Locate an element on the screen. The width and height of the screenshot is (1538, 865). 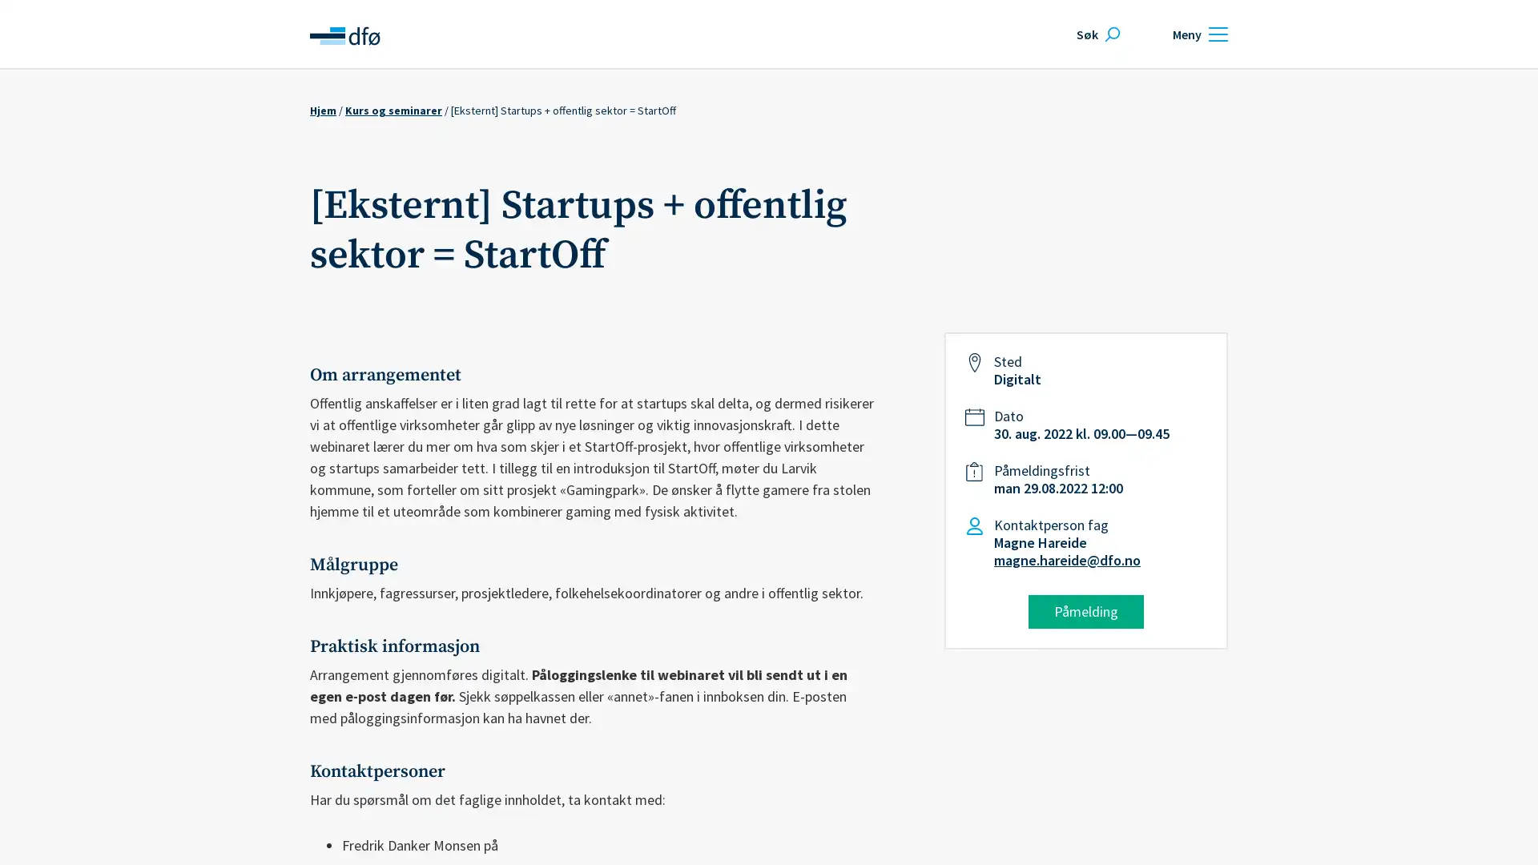
Sk is located at coordinates (1095, 34).